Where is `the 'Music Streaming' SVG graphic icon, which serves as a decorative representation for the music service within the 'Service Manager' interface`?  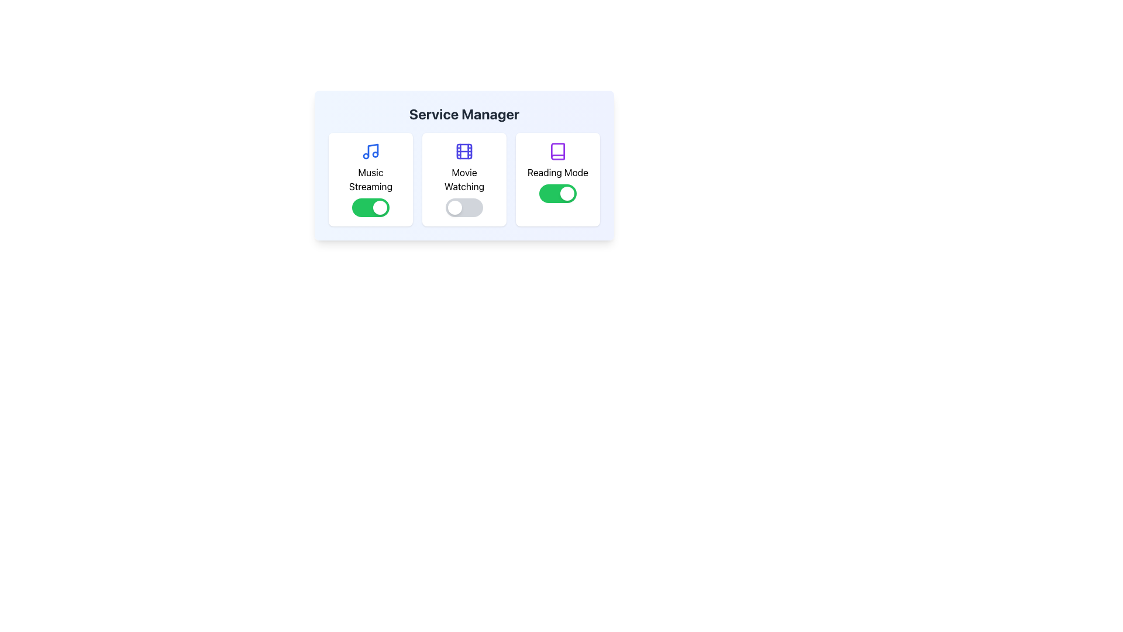 the 'Music Streaming' SVG graphic icon, which serves as a decorative representation for the music service within the 'Service Manager' interface is located at coordinates (370, 150).